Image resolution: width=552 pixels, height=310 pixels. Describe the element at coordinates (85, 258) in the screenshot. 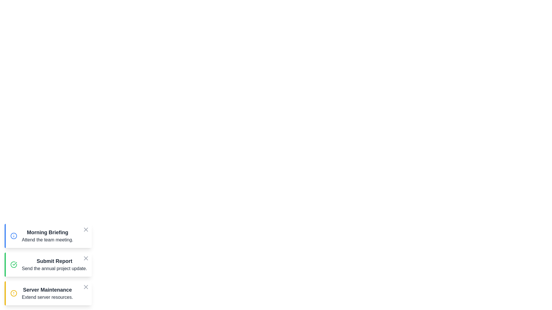

I see `the Close button, which is a small 'X' icon located at the top-right corner of the 'Submit Report' card in the user interface` at that location.